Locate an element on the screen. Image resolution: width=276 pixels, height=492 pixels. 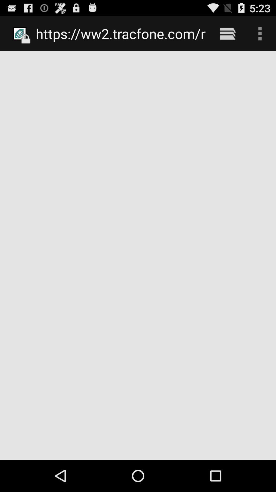
item at the center is located at coordinates (138, 255).